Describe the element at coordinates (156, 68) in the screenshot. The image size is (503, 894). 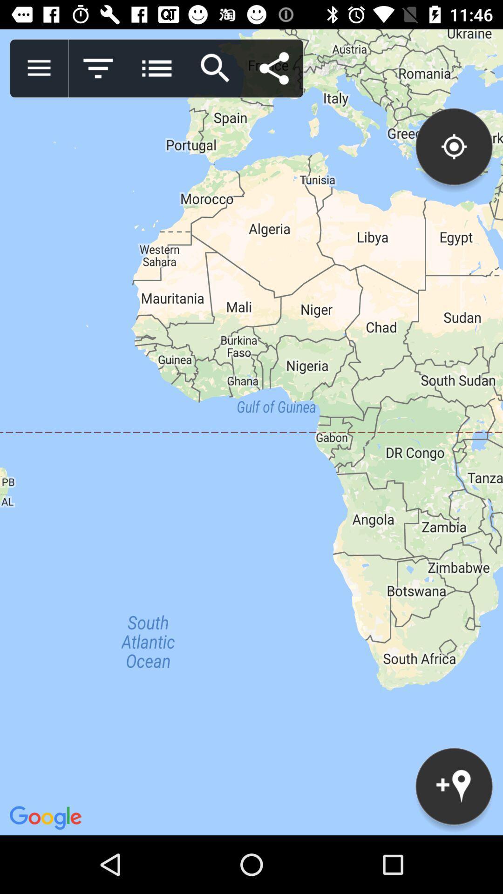
I see `menu` at that location.